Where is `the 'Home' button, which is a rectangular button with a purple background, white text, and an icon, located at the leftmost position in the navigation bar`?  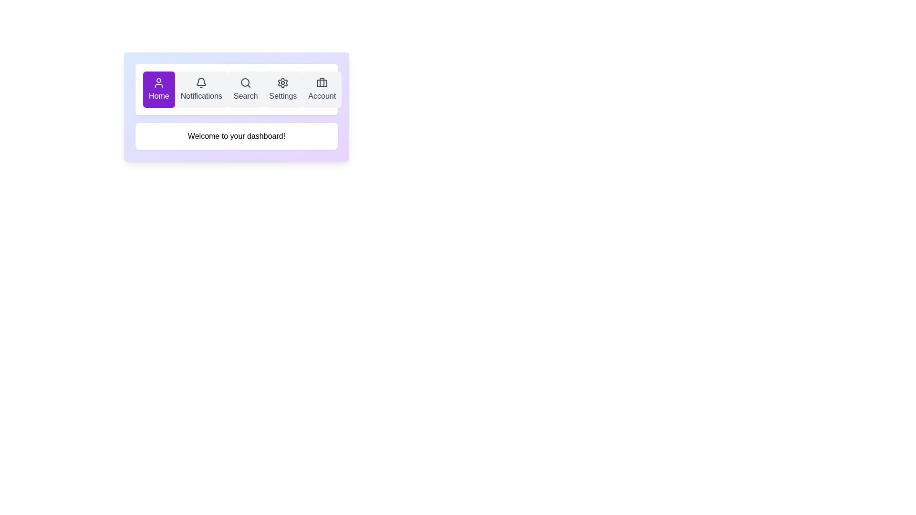
the 'Home' button, which is a rectangular button with a purple background, white text, and an icon, located at the leftmost position in the navigation bar is located at coordinates (159, 90).